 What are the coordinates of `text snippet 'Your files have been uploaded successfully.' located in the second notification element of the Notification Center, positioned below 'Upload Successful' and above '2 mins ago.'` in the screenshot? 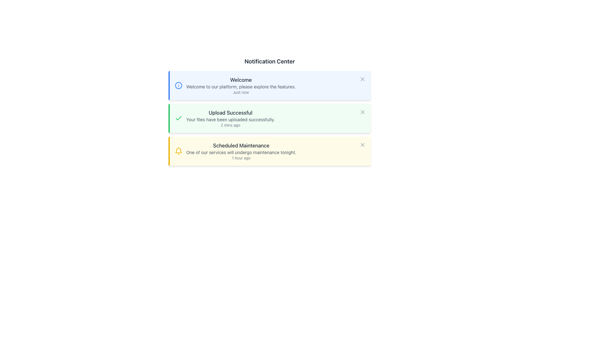 It's located at (230, 119).